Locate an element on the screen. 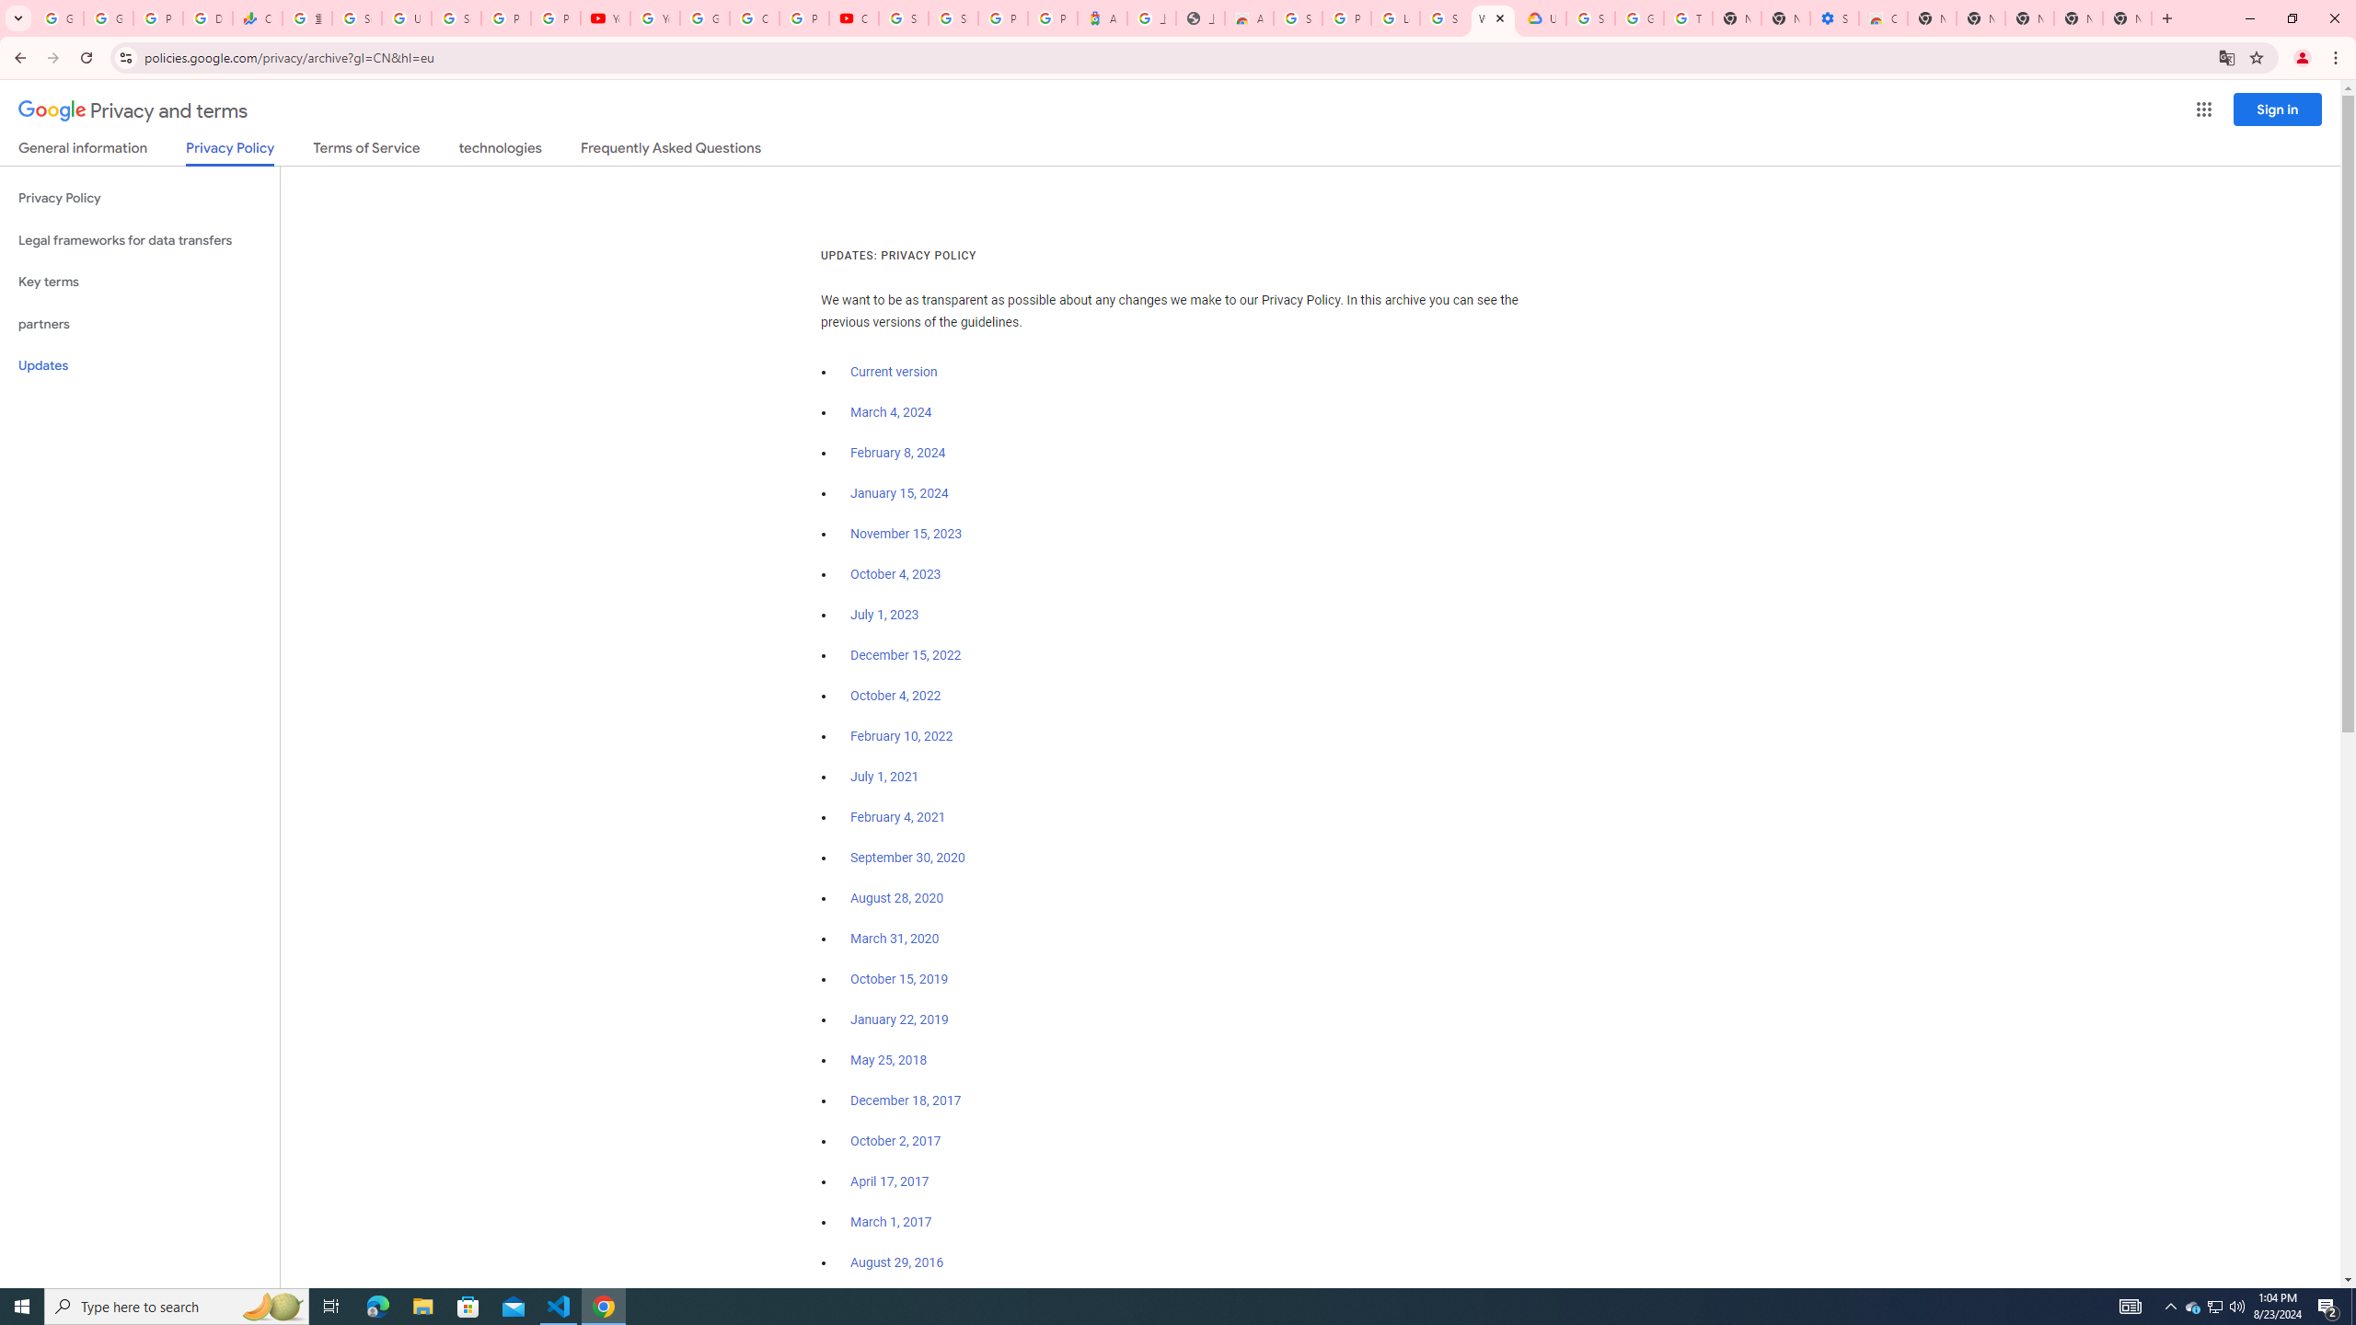  'Current version' is located at coordinates (893, 373).